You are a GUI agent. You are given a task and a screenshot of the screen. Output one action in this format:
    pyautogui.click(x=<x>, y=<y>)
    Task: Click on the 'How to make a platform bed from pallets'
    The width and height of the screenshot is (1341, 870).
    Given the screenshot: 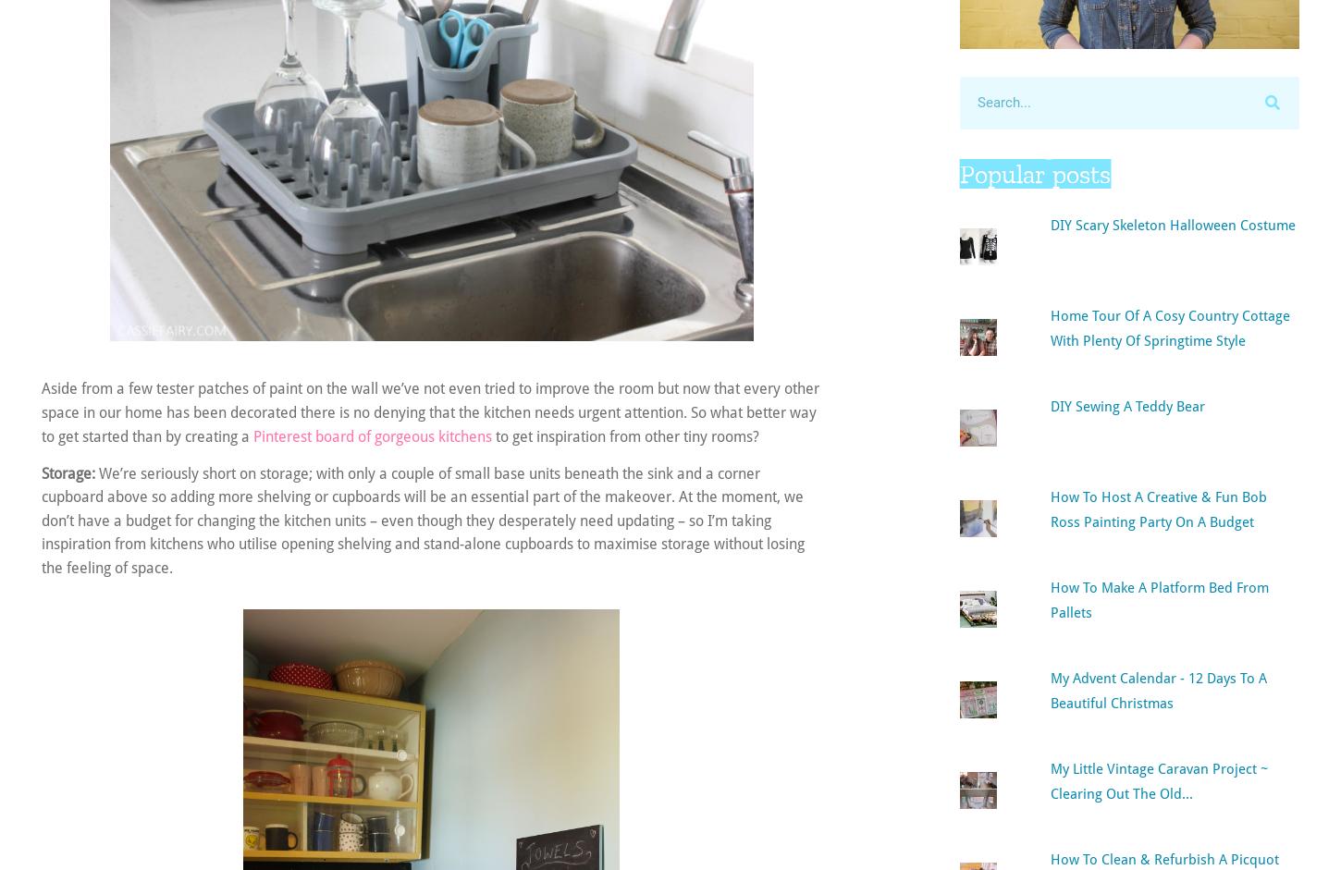 What is the action you would take?
    pyautogui.click(x=1158, y=597)
    